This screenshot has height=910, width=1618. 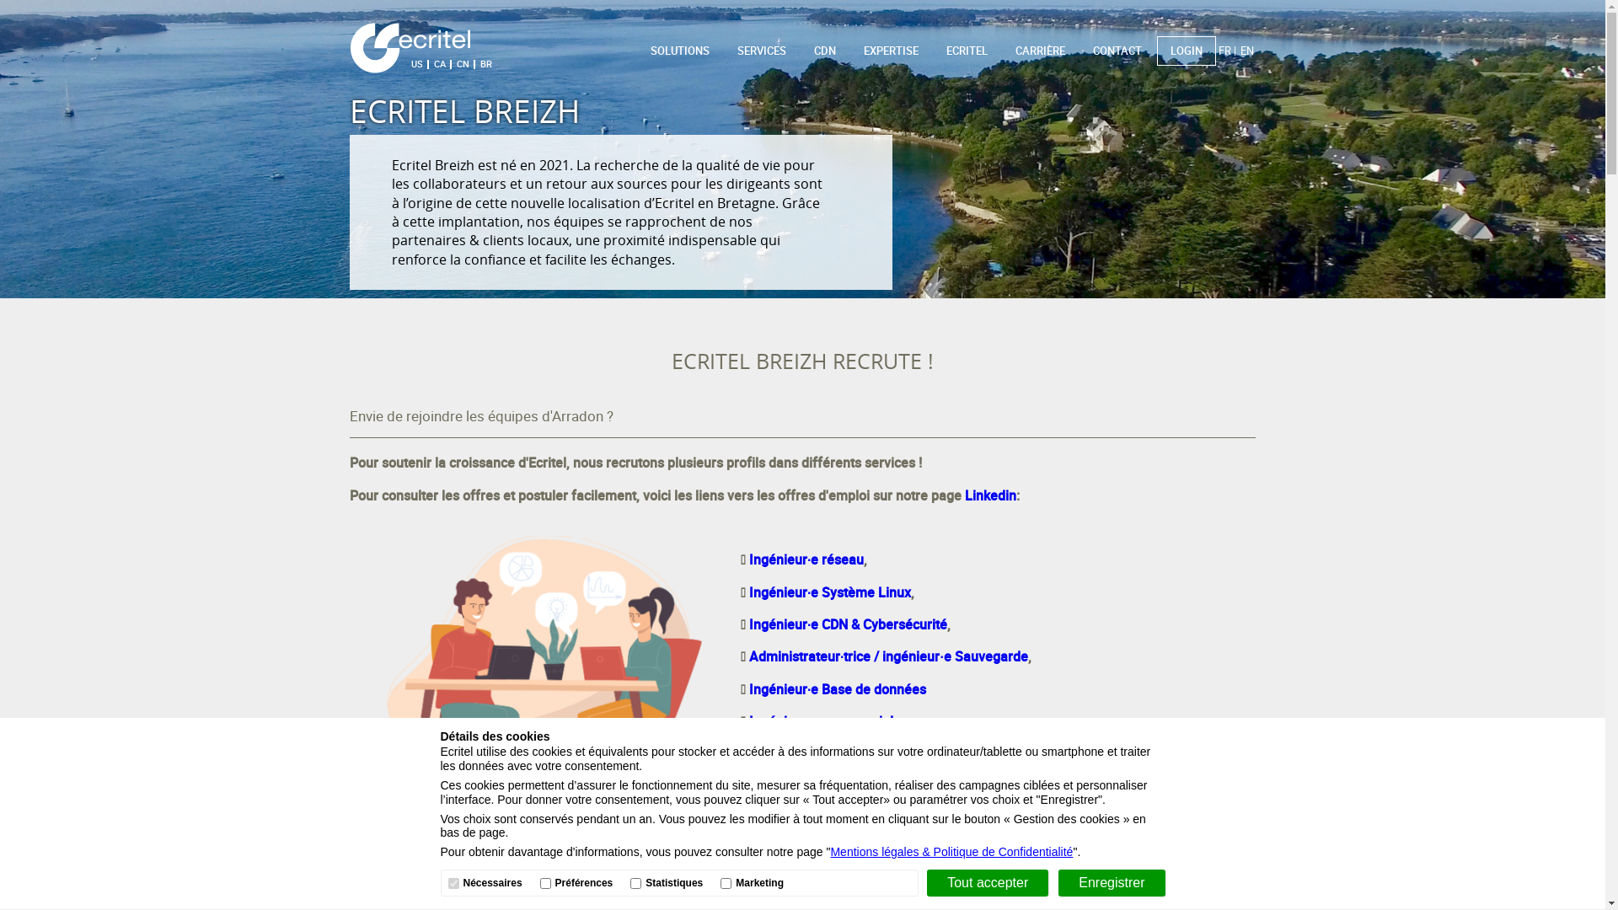 What do you see at coordinates (1246, 50) in the screenshot?
I see `'EN'` at bounding box center [1246, 50].